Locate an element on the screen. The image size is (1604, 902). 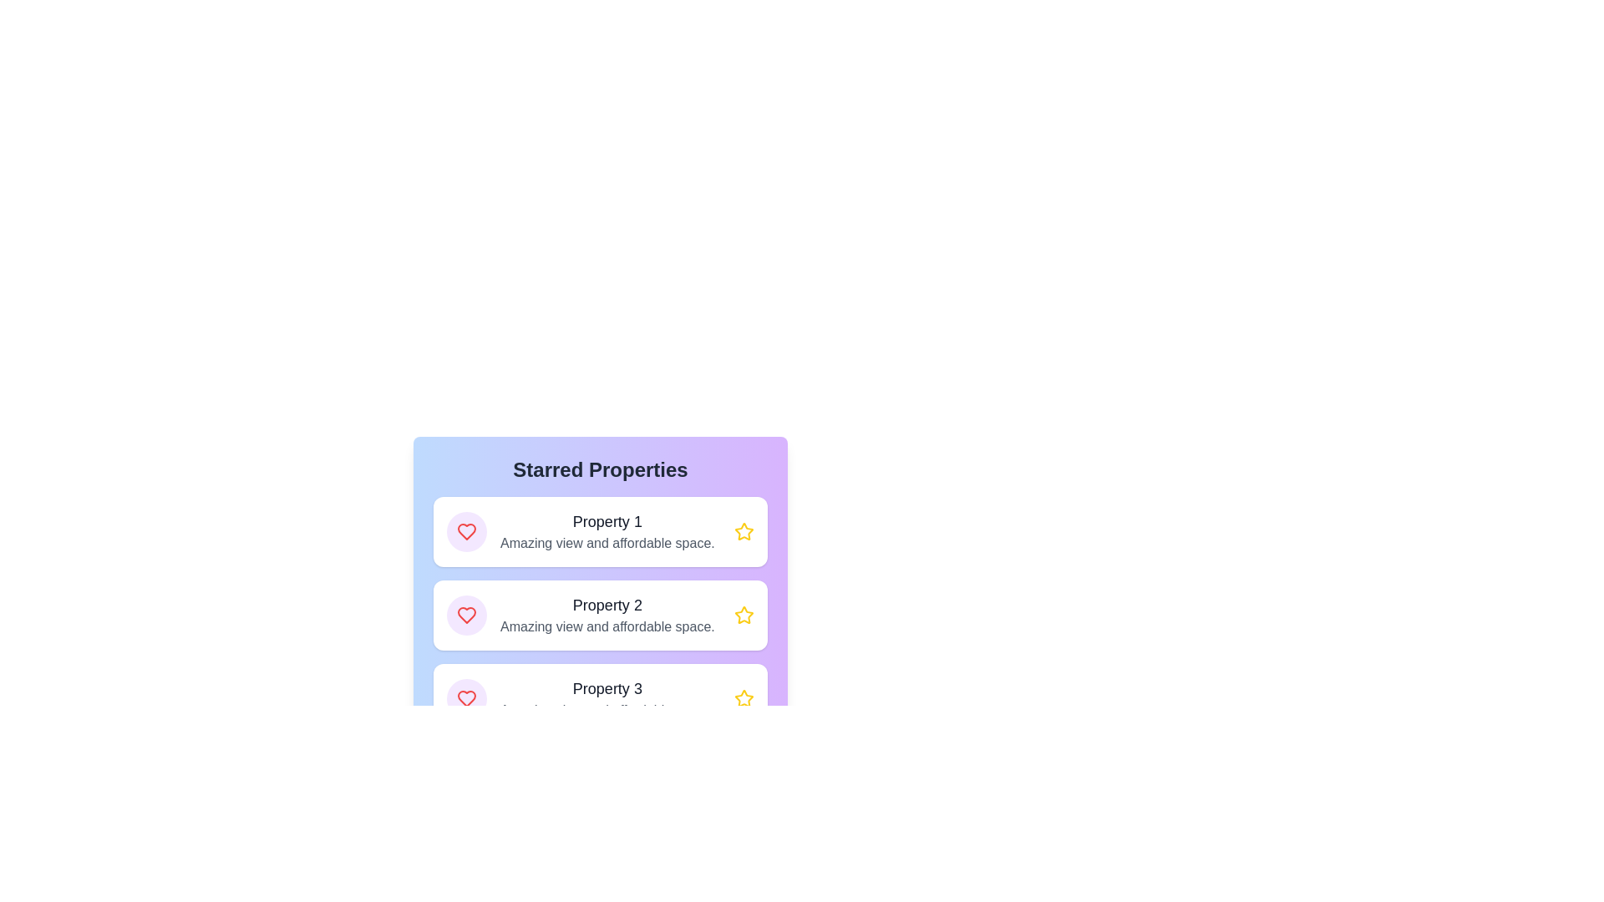
the property listing summary element located below 'Property 1' and above 'Property 3' in the vertically arranged list of properties is located at coordinates (581, 615).